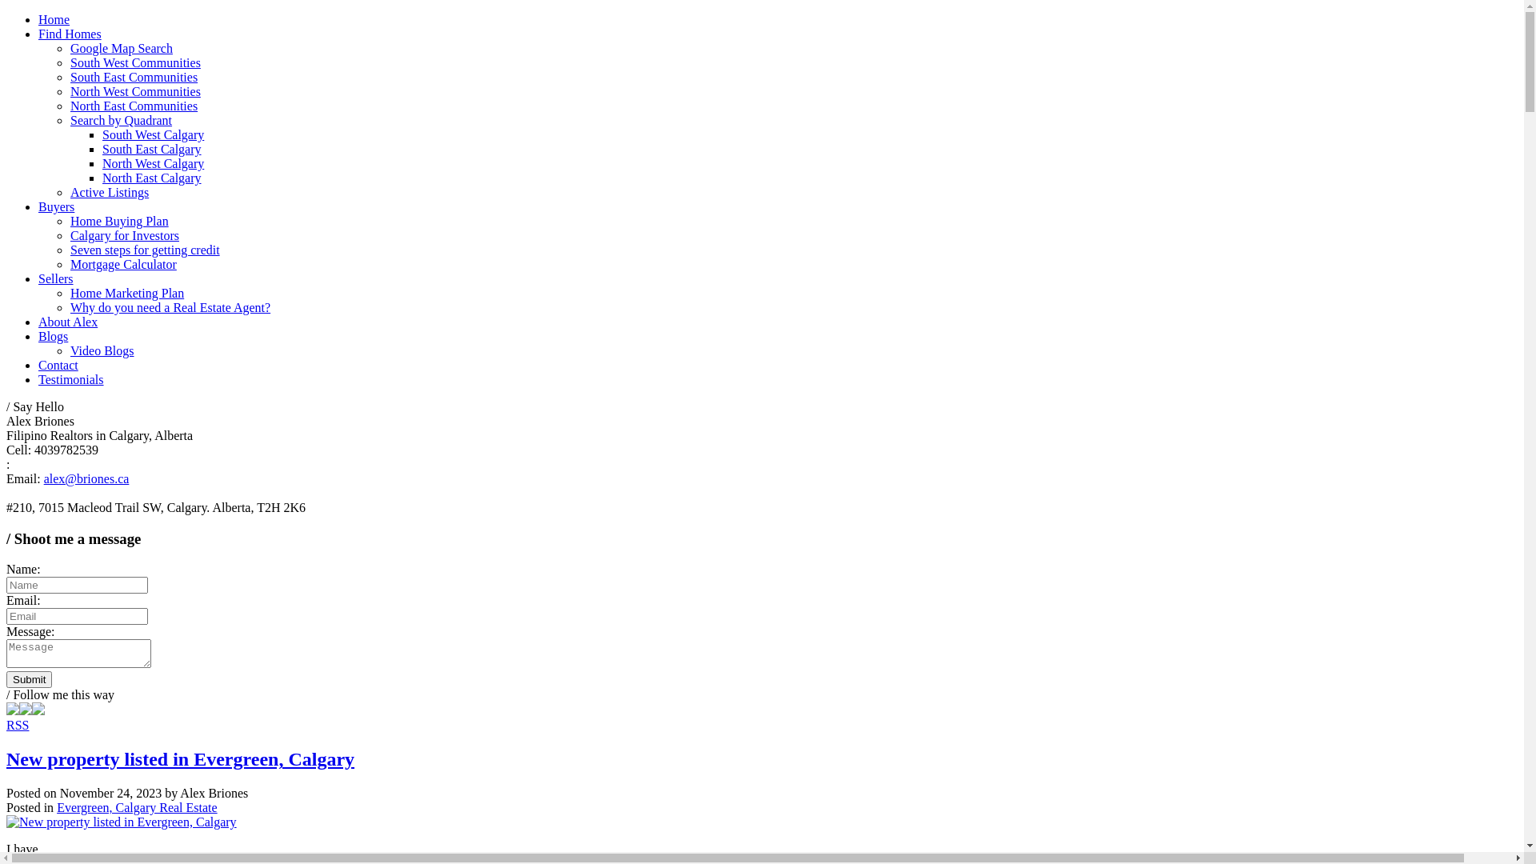 The width and height of the screenshot is (1536, 864). Describe the element at coordinates (86, 478) in the screenshot. I see `'alex@briones.ca'` at that location.